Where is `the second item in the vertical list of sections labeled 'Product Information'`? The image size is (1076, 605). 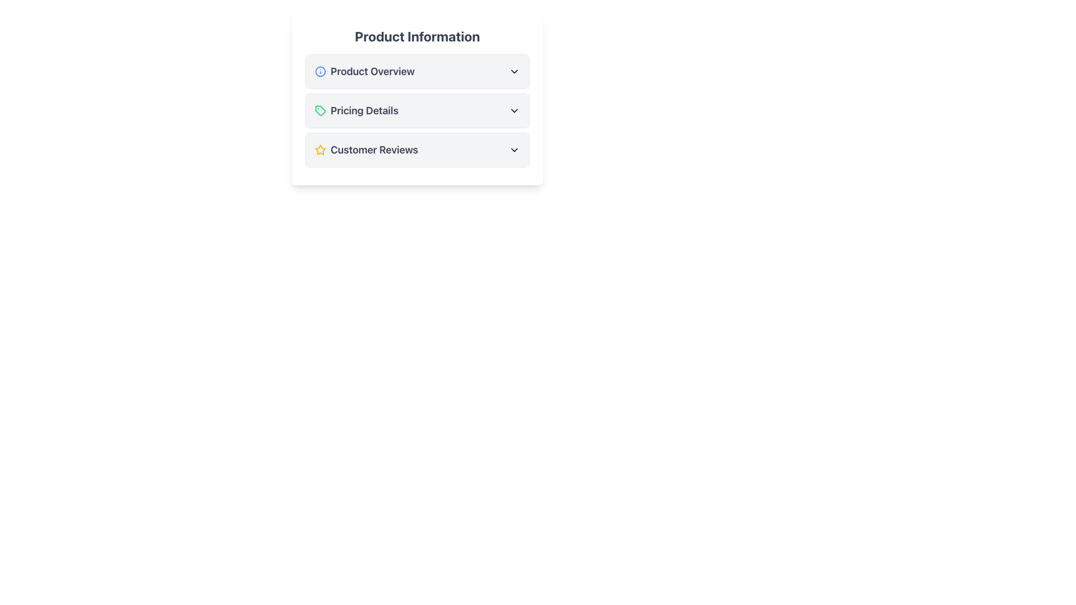
the second item in the vertical list of sections labeled 'Product Information' is located at coordinates (356, 110).